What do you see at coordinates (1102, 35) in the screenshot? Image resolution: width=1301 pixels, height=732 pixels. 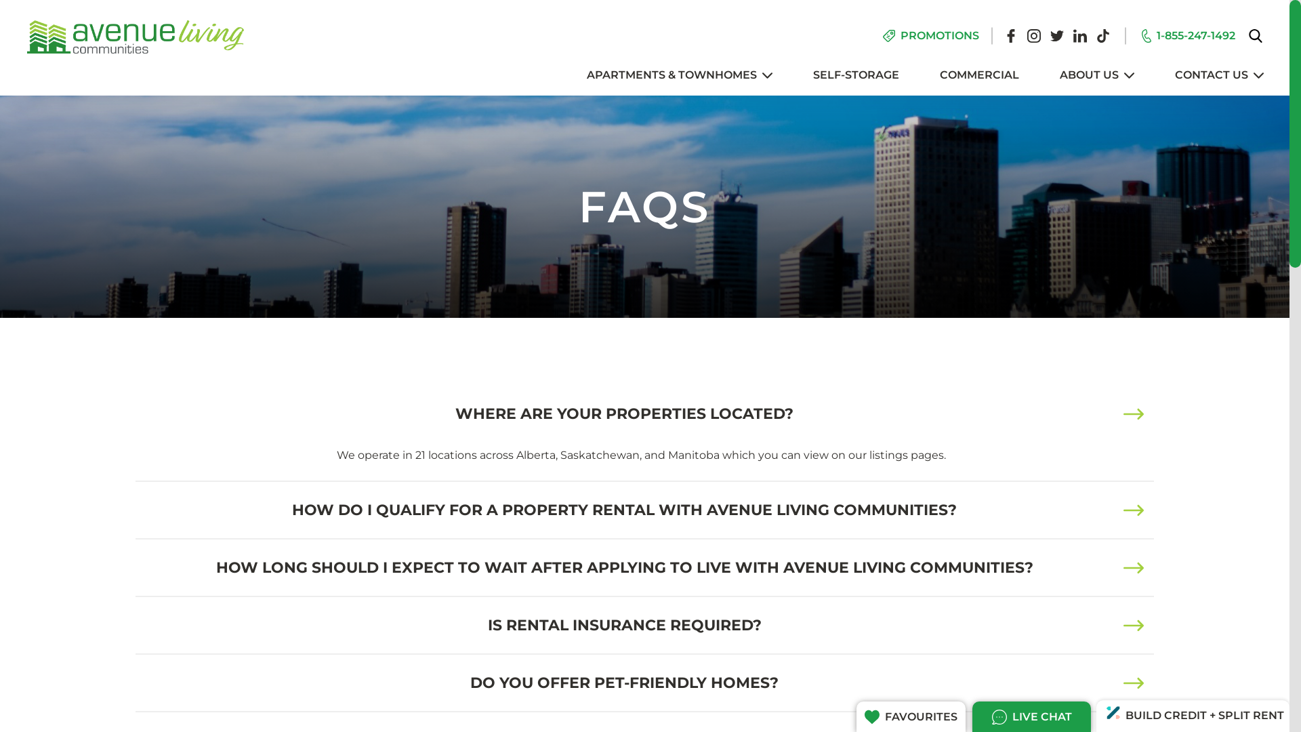 I see `'Tiktok'` at bounding box center [1102, 35].